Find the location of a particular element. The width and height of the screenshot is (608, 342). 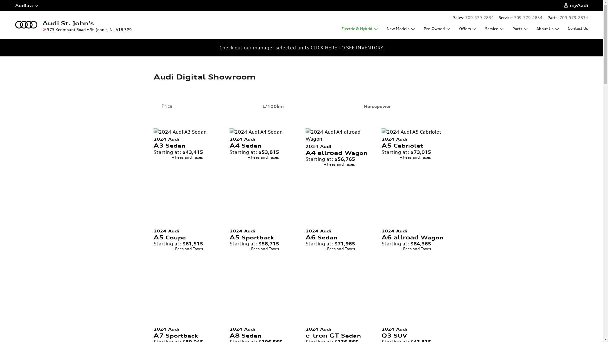

'CLICK HERE TO SEE INVENTORY.' is located at coordinates (346, 47).